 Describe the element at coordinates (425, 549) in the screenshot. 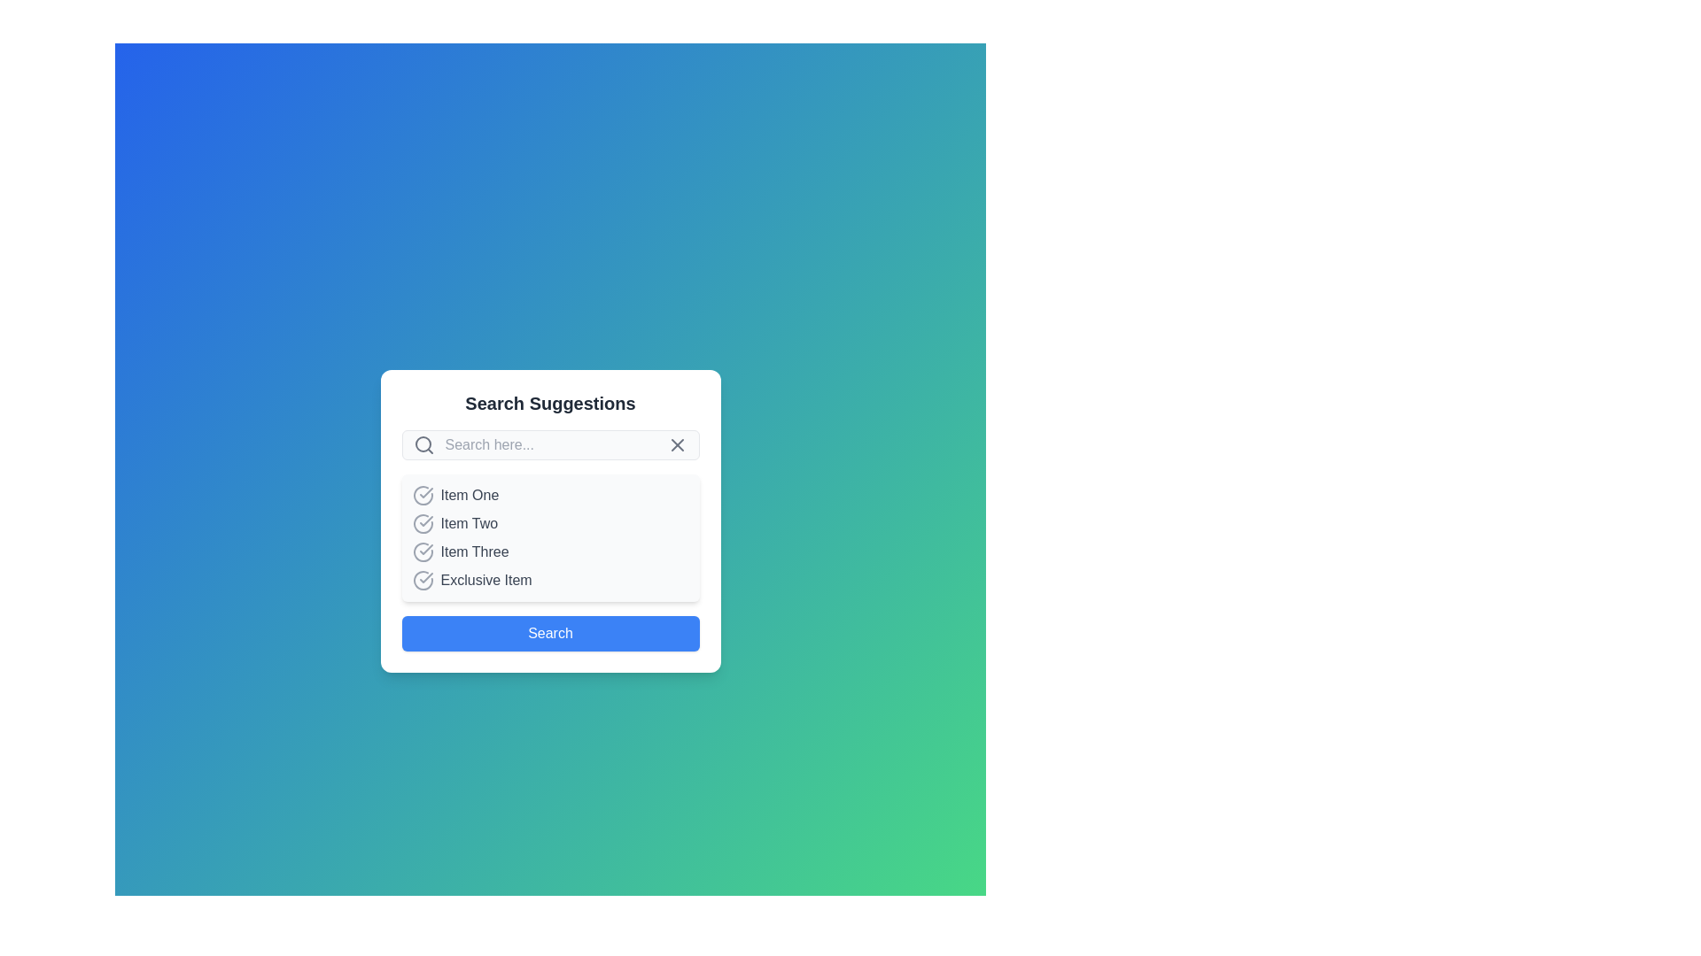

I see `the Checkmark icon indicating the confirmation of selection for 'Item Three' in the dropdown menu` at that location.